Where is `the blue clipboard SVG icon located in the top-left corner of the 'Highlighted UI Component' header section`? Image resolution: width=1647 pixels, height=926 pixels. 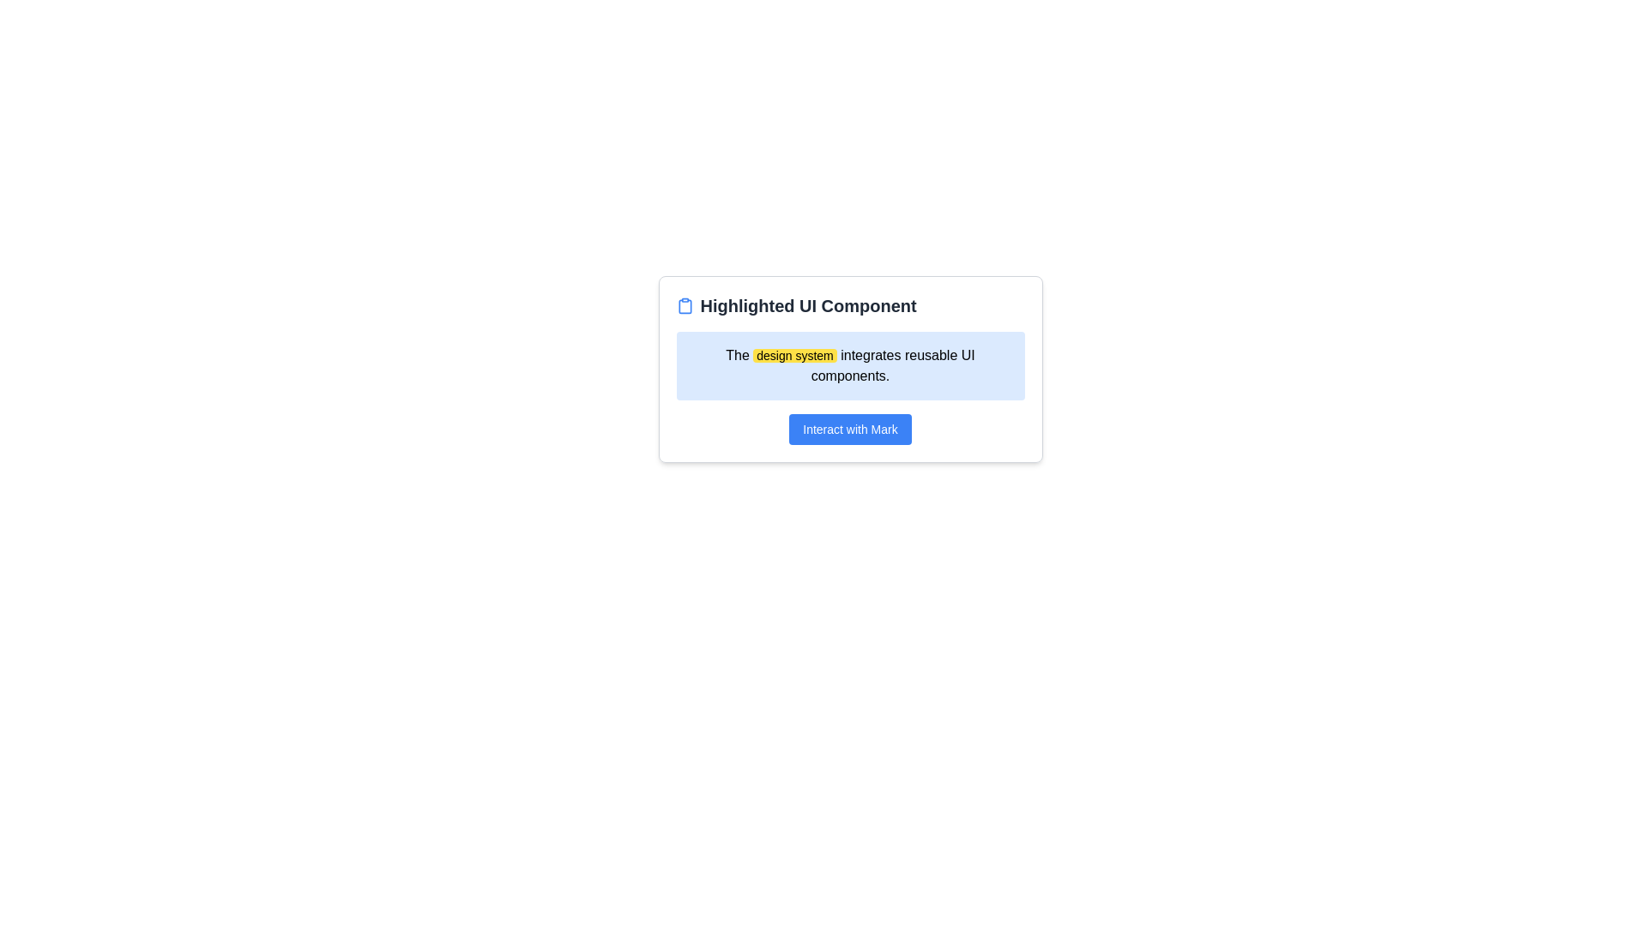 the blue clipboard SVG icon located in the top-left corner of the 'Highlighted UI Component' header section is located at coordinates (684, 305).